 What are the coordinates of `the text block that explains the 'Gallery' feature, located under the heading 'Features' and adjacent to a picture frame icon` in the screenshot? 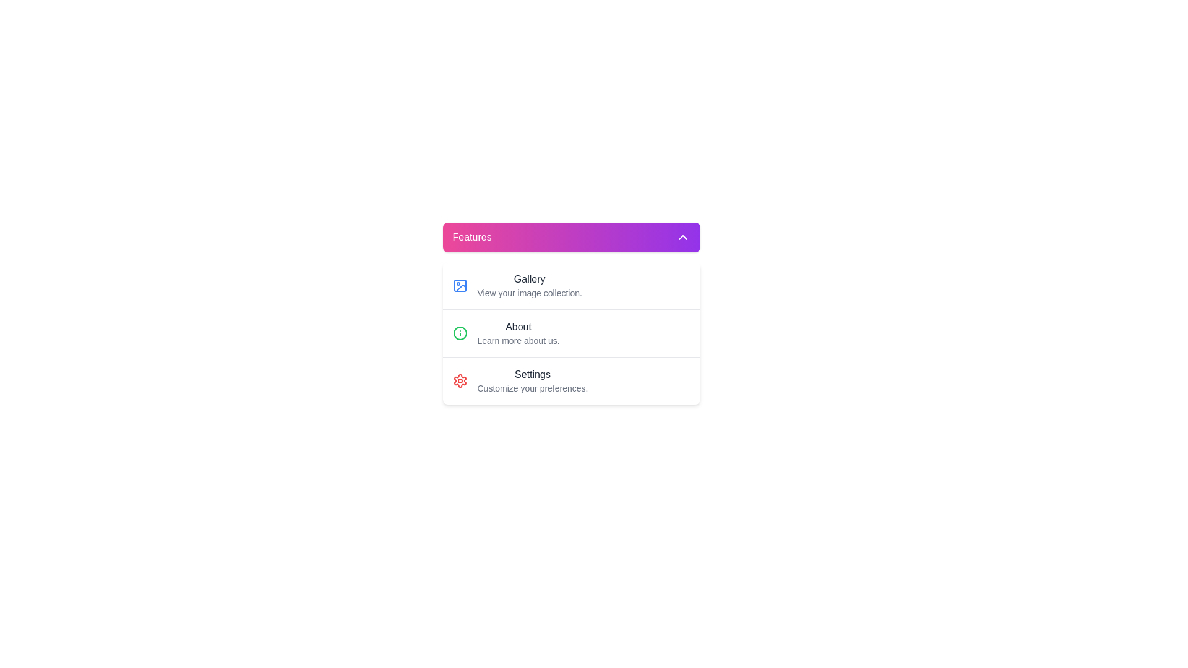 It's located at (530, 286).